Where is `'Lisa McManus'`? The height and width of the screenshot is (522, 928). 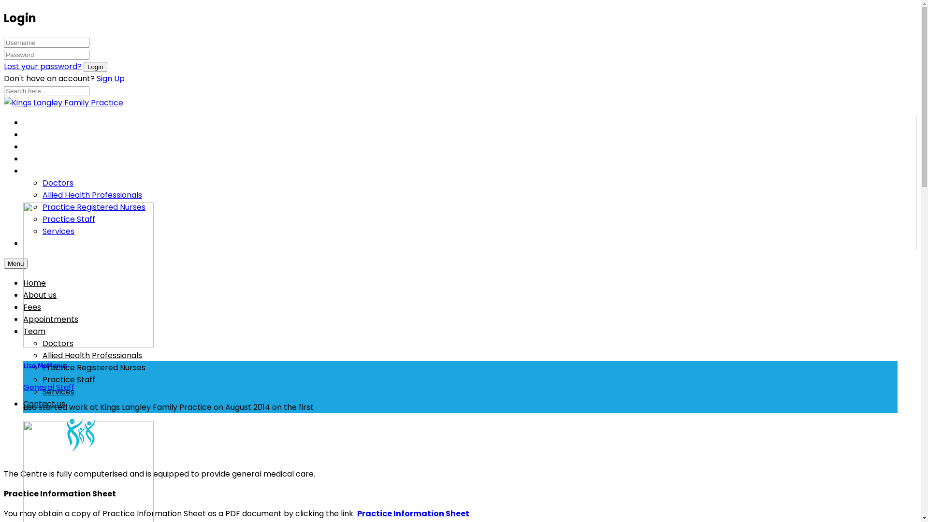
'Lisa McManus' is located at coordinates (45, 366).